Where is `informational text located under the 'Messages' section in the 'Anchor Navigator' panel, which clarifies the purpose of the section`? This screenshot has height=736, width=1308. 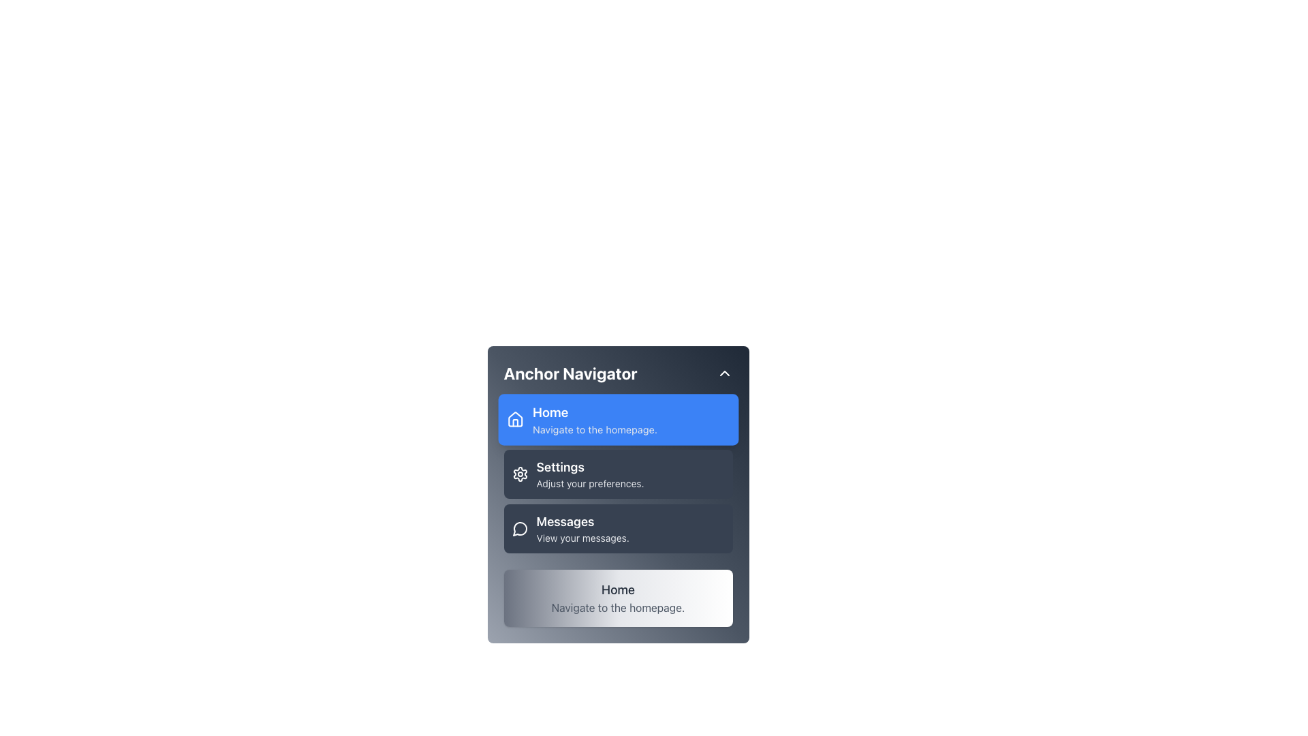 informational text located under the 'Messages' section in the 'Anchor Navigator' panel, which clarifies the purpose of the section is located at coordinates (582, 538).